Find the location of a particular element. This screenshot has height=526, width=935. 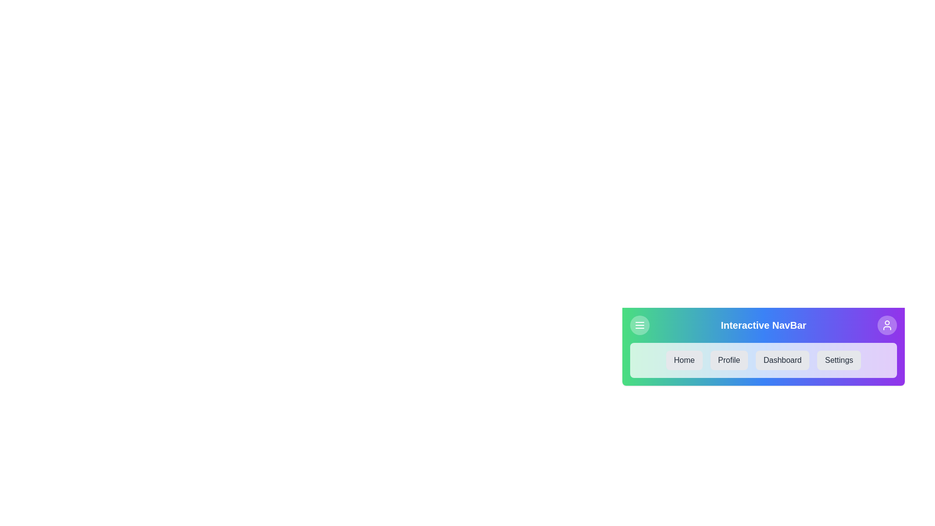

the navigation link labeled Home is located at coordinates (684, 360).